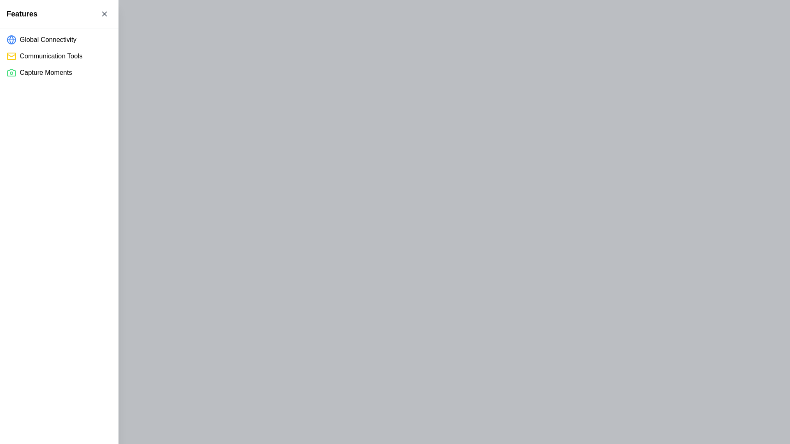  I want to click on the yellow-colored envelope icon, which is outlined and positioned beside the text 'Communication Tools', so click(12, 56).